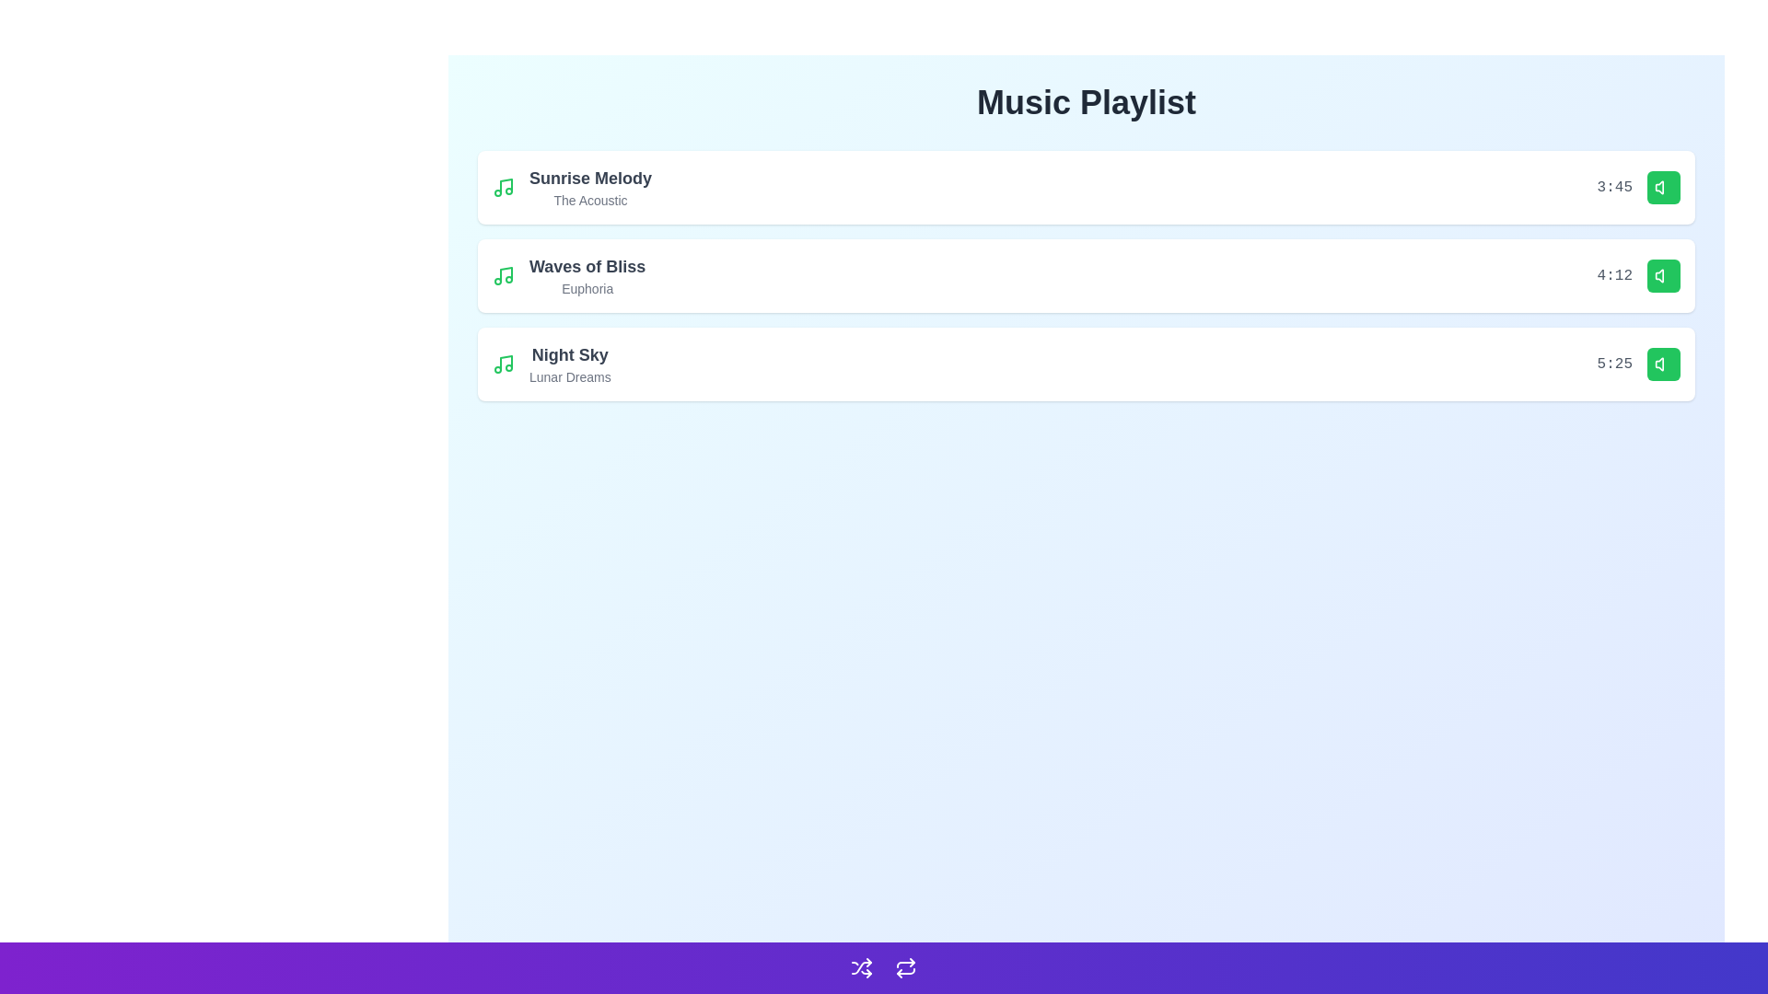 The image size is (1768, 994). Describe the element at coordinates (506, 186) in the screenshot. I see `the green vertical line of the music note icon that is located to the left of the 'Sunrise Melody' text in the playlist` at that location.